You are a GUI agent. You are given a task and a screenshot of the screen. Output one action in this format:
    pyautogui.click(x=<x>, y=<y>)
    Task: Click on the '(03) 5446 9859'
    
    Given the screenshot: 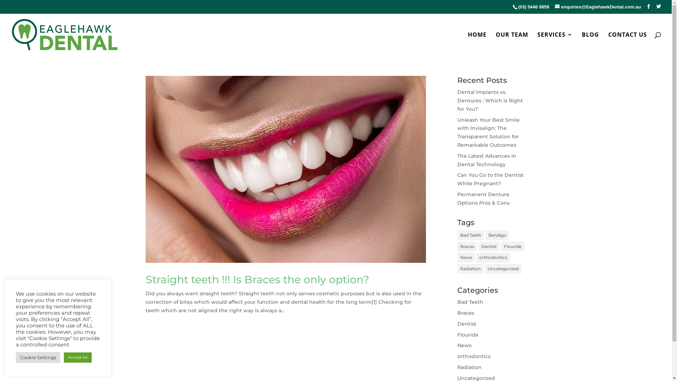 What is the action you would take?
    pyautogui.click(x=533, y=7)
    